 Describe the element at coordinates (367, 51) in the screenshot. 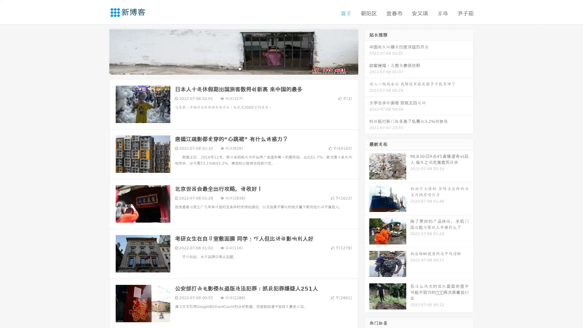

I see `Next slide` at that location.